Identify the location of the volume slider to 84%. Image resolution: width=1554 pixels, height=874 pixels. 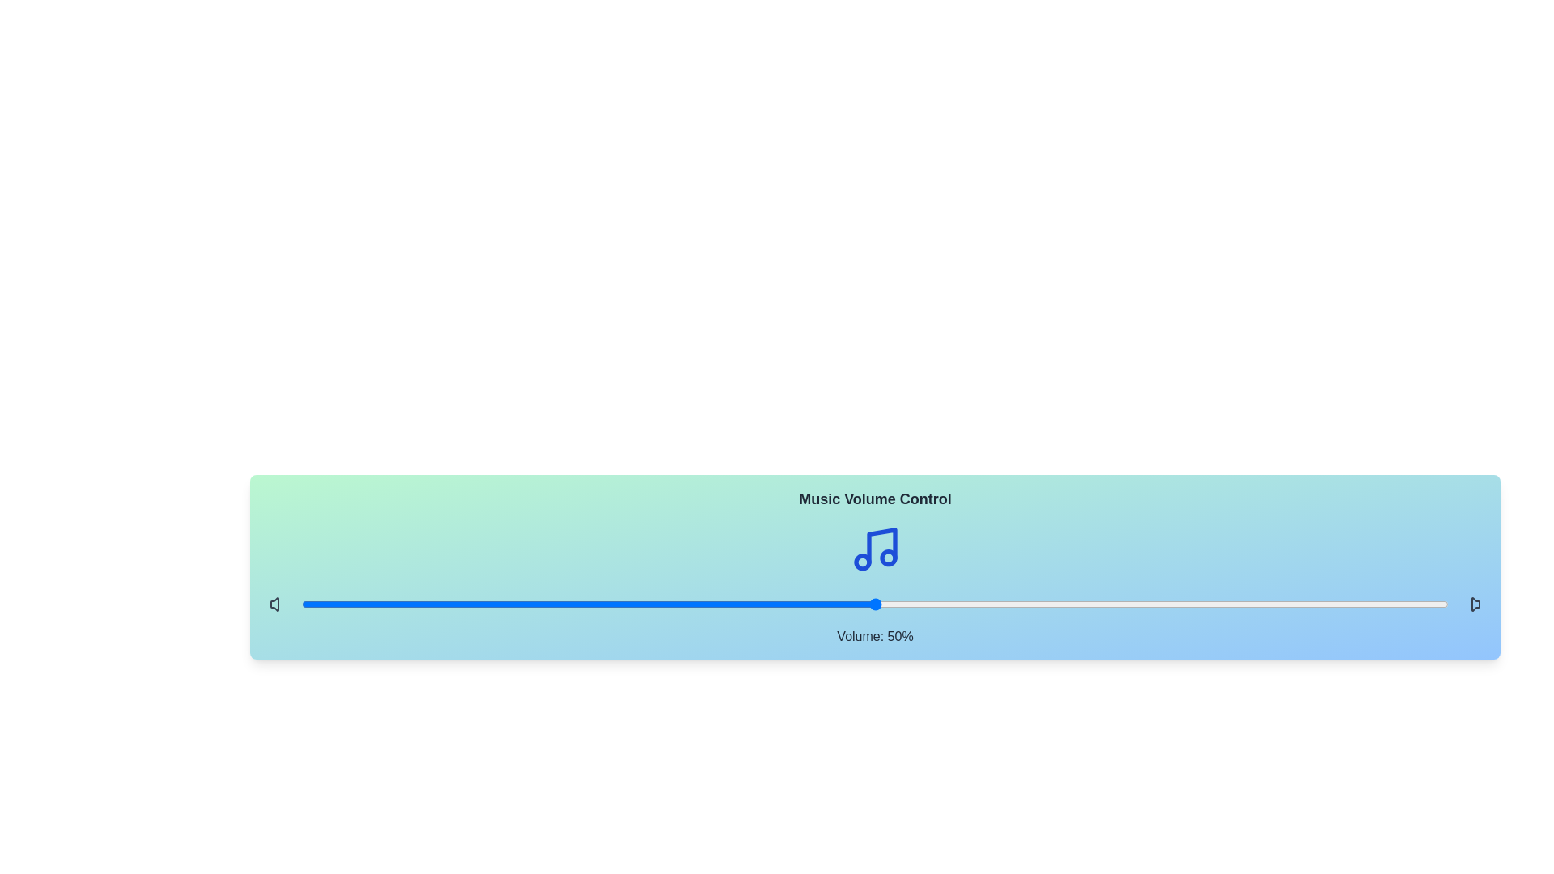
(1264, 605).